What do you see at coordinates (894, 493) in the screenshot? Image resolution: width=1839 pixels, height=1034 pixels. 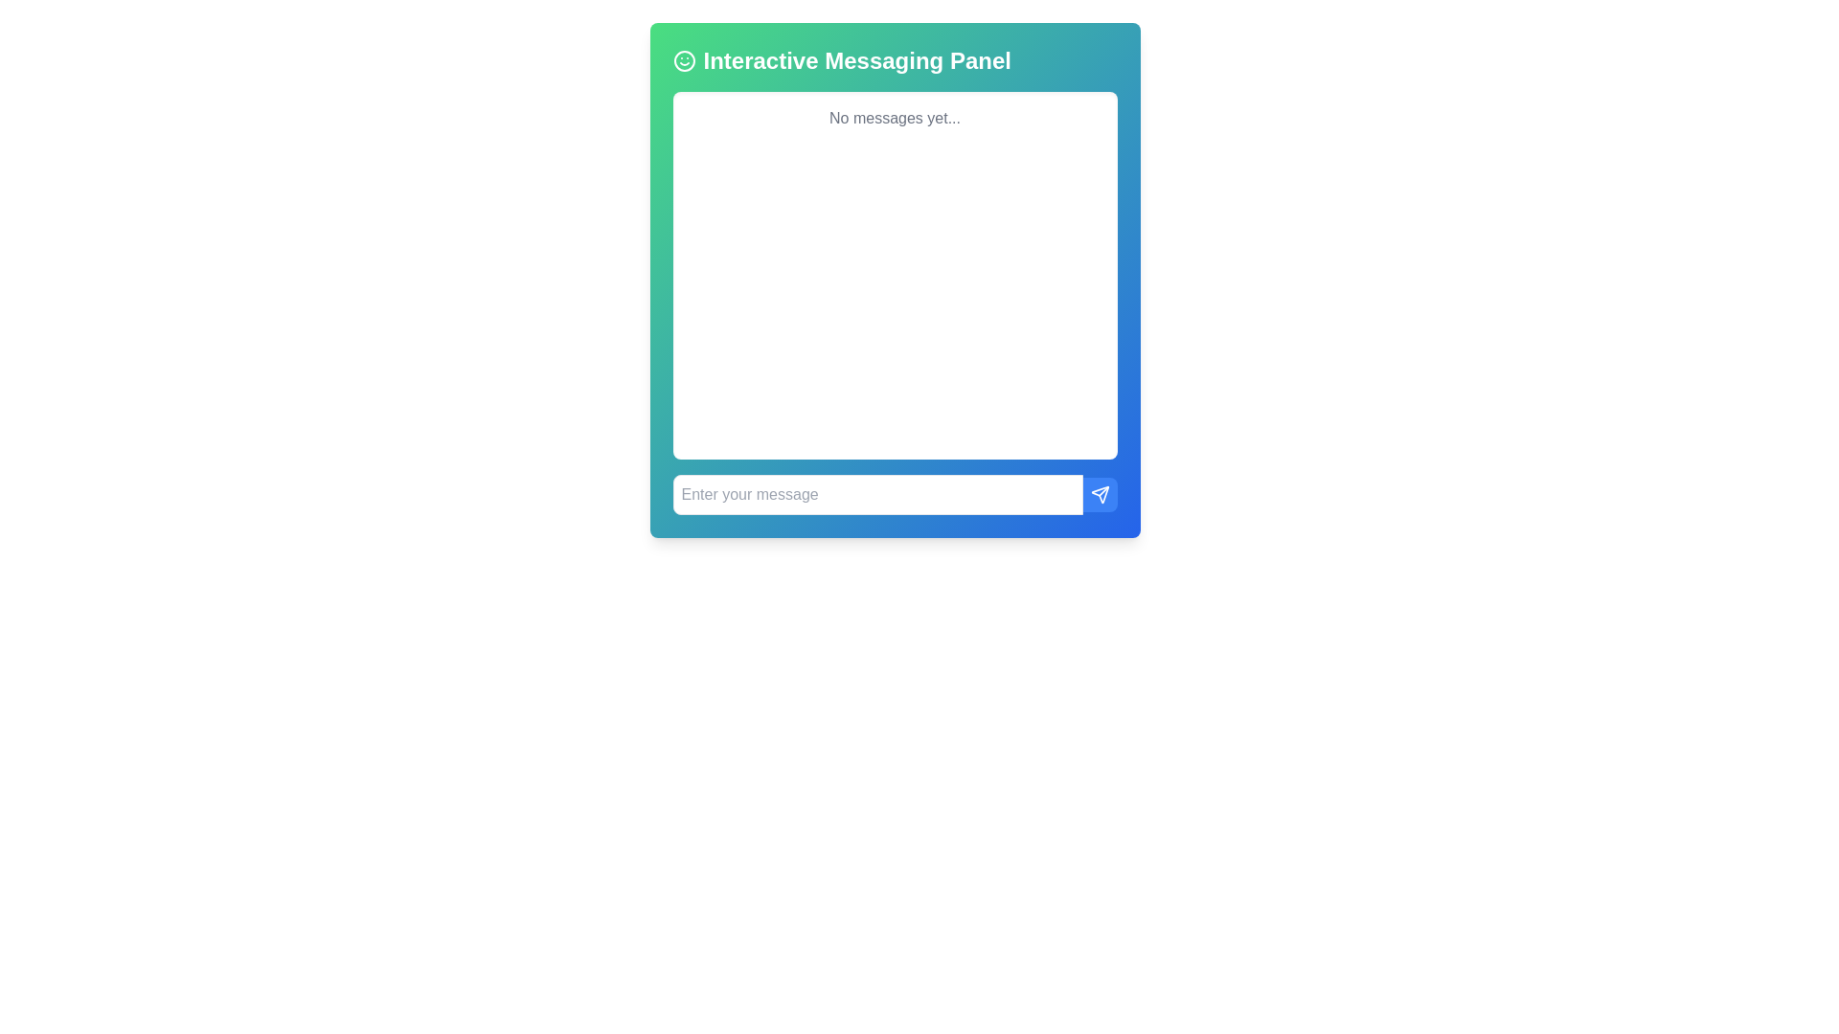 I see `the input field of the messaging panel` at bounding box center [894, 493].